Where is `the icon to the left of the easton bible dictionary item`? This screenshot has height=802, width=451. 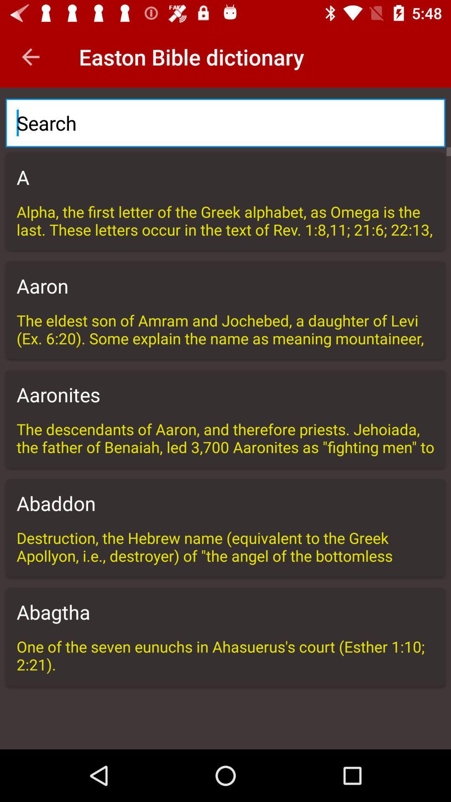 the icon to the left of the easton bible dictionary item is located at coordinates (30, 56).